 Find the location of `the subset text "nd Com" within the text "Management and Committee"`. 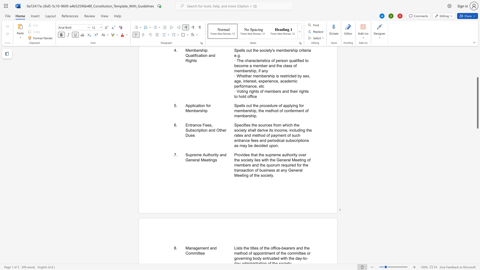

the subset text "nd Com" within the text "Management and Committee" is located at coordinates (212, 248).